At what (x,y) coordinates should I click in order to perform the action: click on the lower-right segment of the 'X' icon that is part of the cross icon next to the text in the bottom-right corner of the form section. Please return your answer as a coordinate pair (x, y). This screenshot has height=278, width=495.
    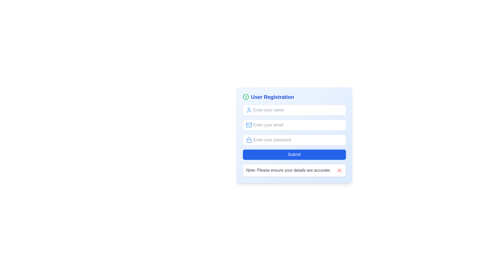
    Looking at the image, I should click on (339, 170).